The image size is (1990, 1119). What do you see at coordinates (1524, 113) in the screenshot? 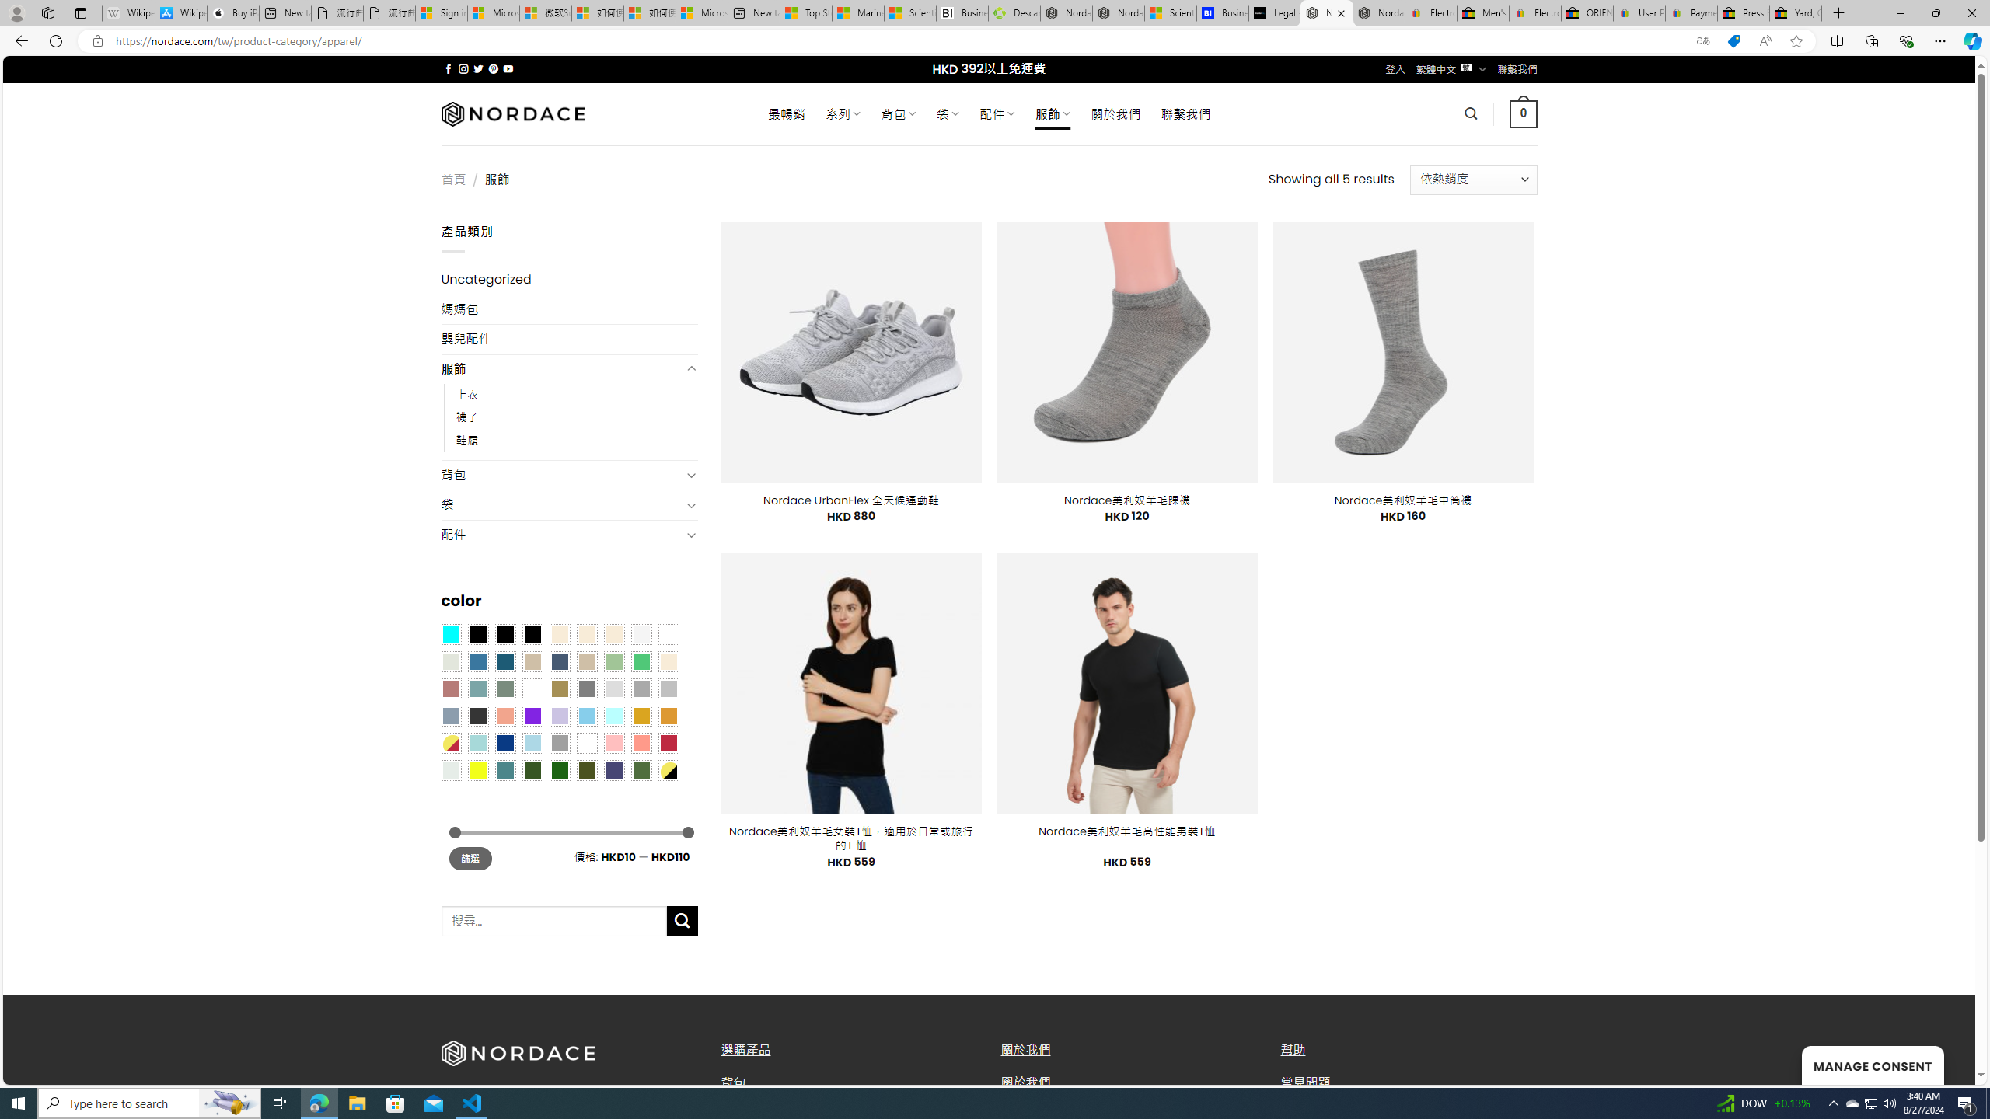
I see `' 0 '` at bounding box center [1524, 113].